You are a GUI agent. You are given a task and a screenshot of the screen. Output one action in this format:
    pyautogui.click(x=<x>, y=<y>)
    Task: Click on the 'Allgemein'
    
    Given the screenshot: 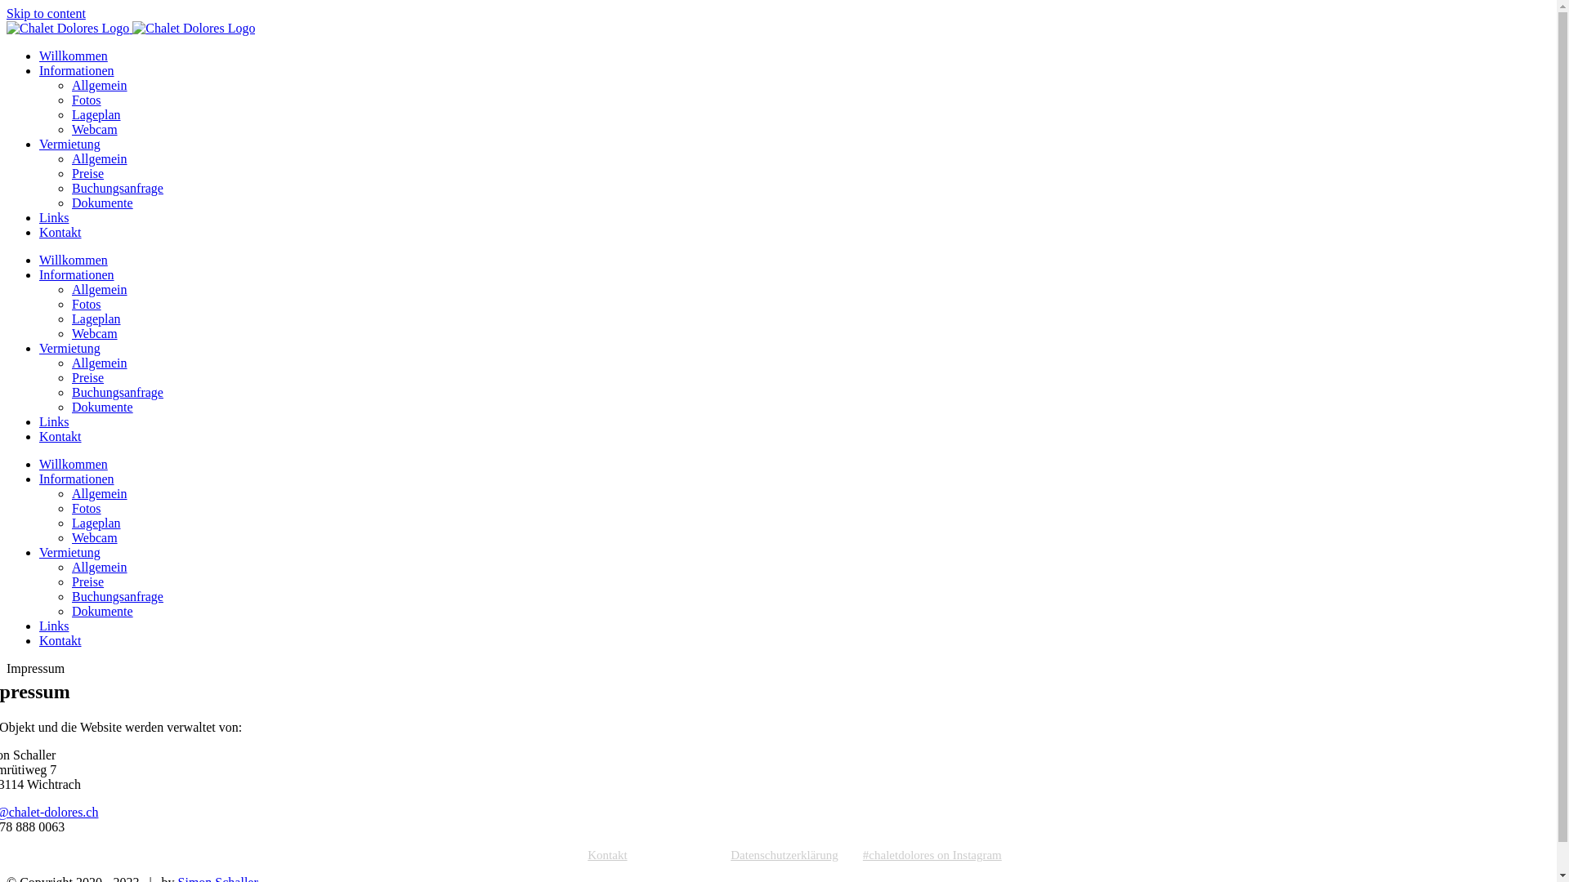 What is the action you would take?
    pyautogui.click(x=98, y=566)
    